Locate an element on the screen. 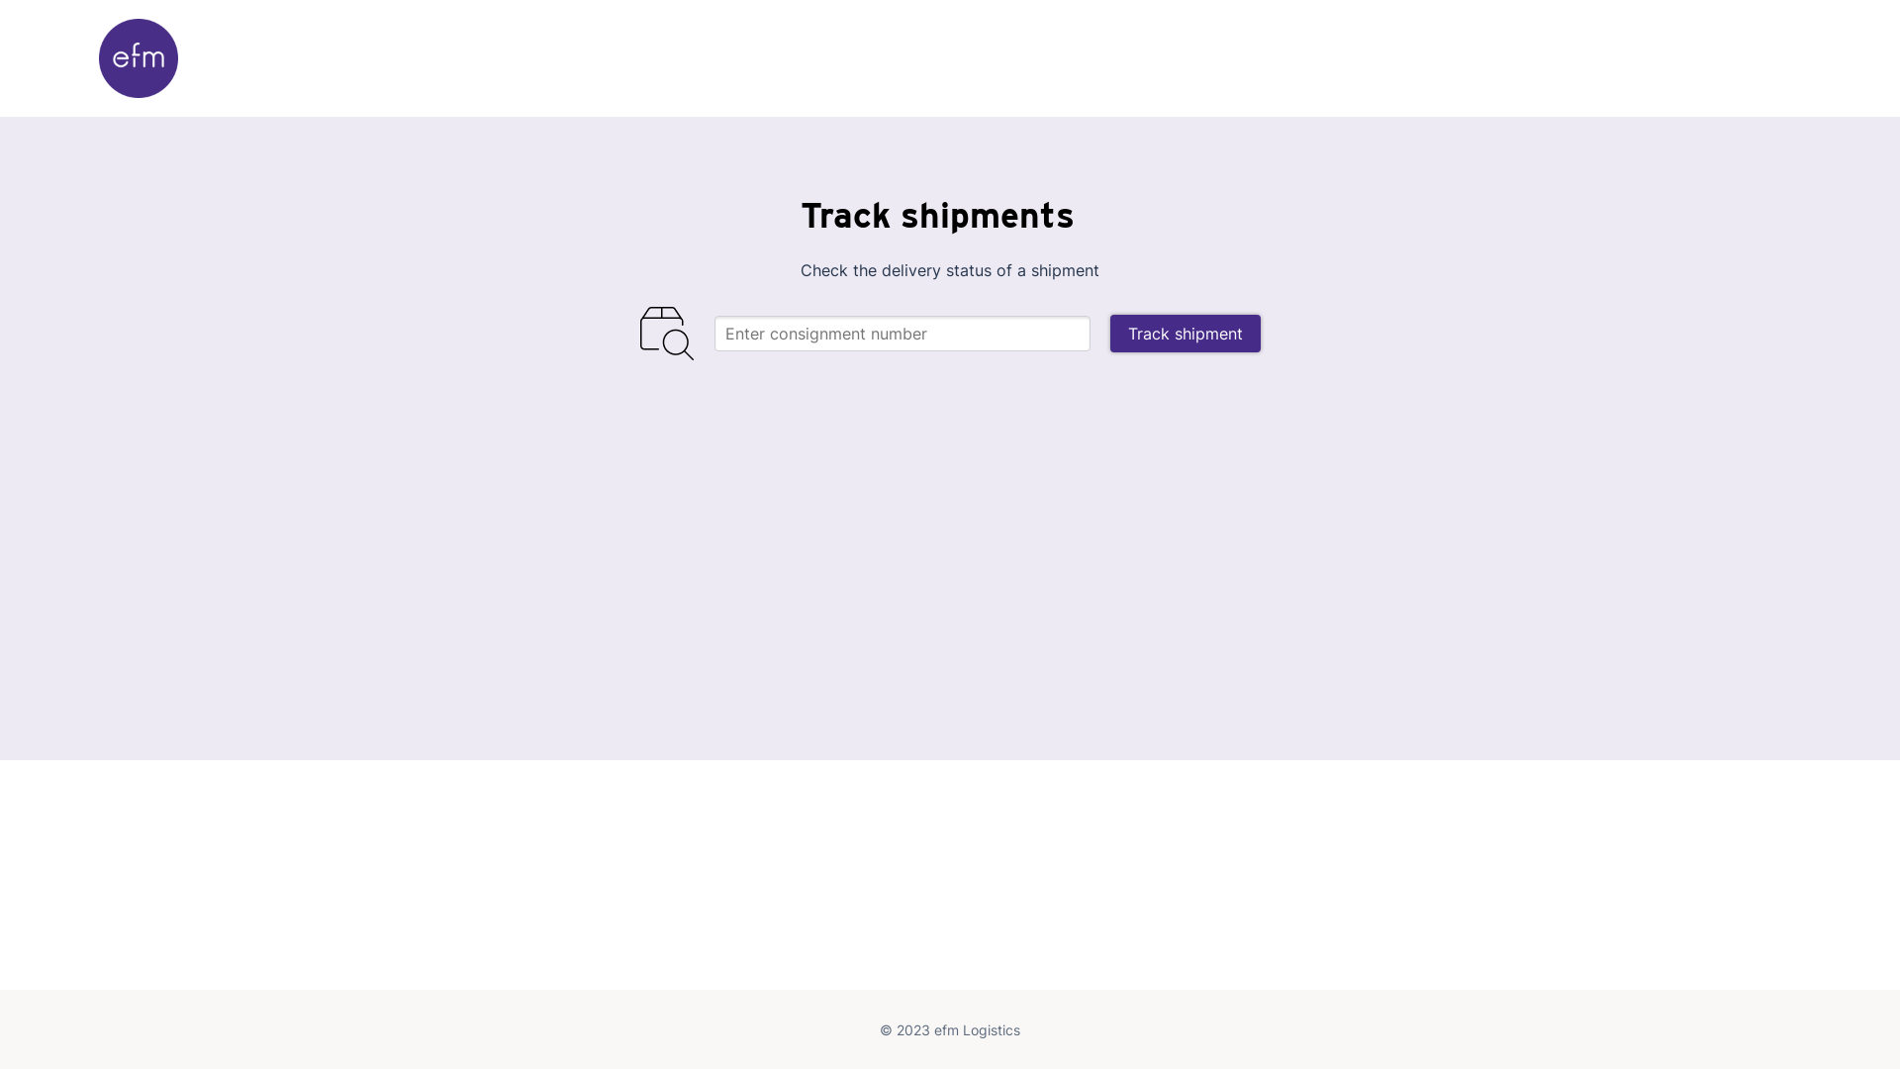 The image size is (1900, 1069). 'Track shipment' is located at coordinates (1186, 332).